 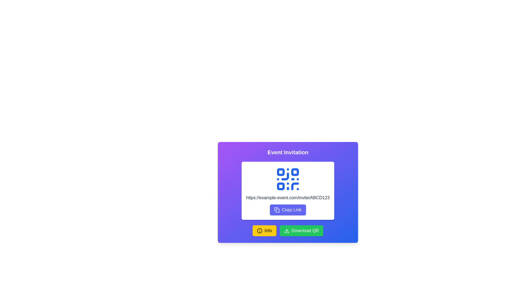 I want to click on the Text Display Element that presents a URL, located centrally within the card UI, beneath the QR code icon and above the 'Copy Link' button, so click(x=288, y=198).